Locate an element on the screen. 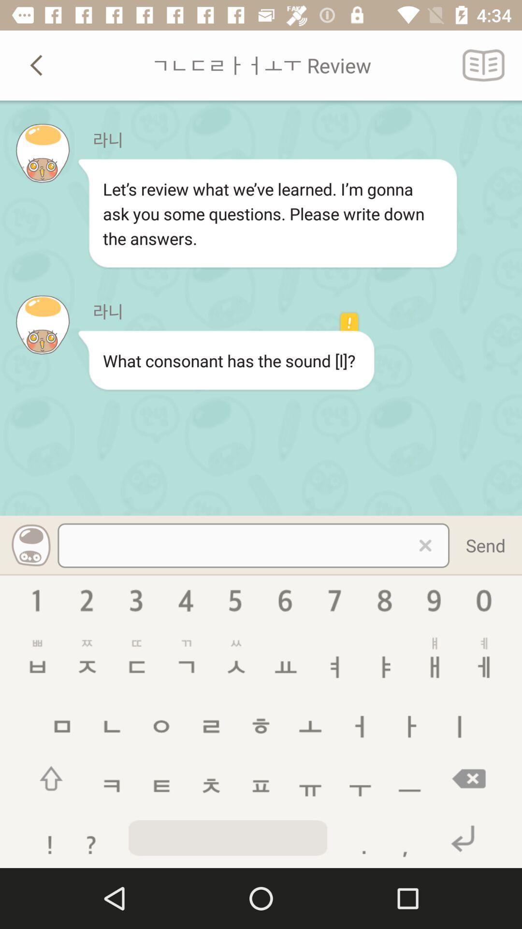 This screenshot has height=929, width=522. the add icon is located at coordinates (409, 719).